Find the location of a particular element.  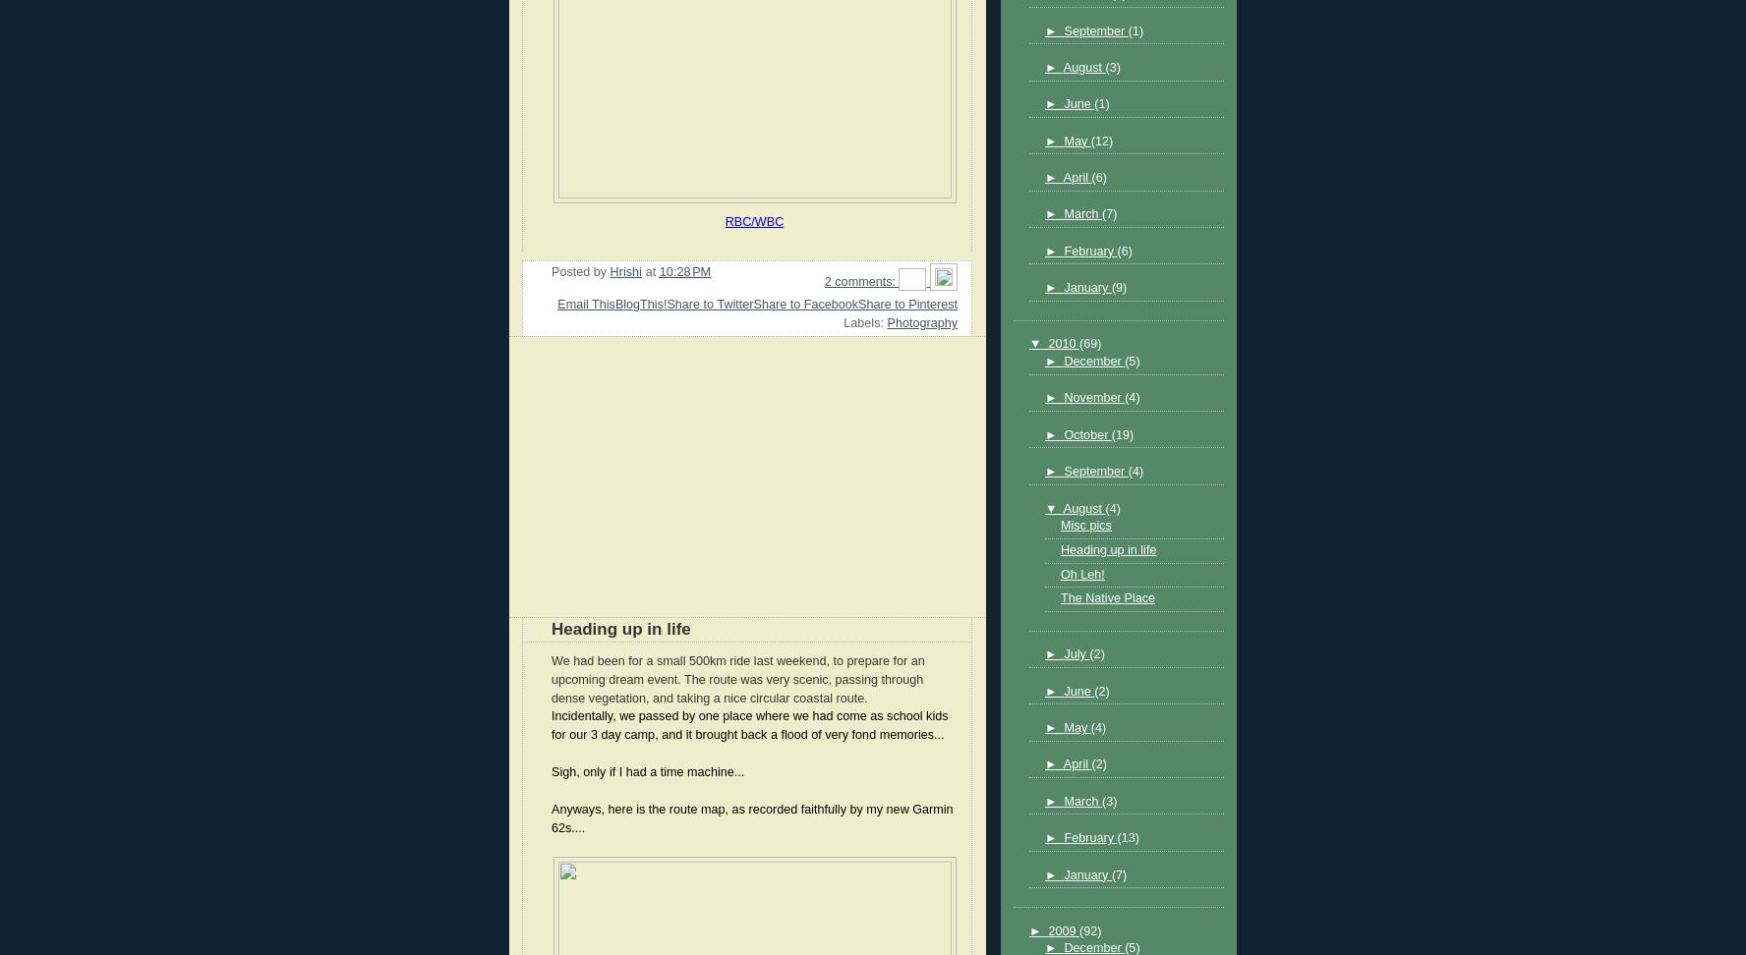

'Photography' is located at coordinates (886, 322).